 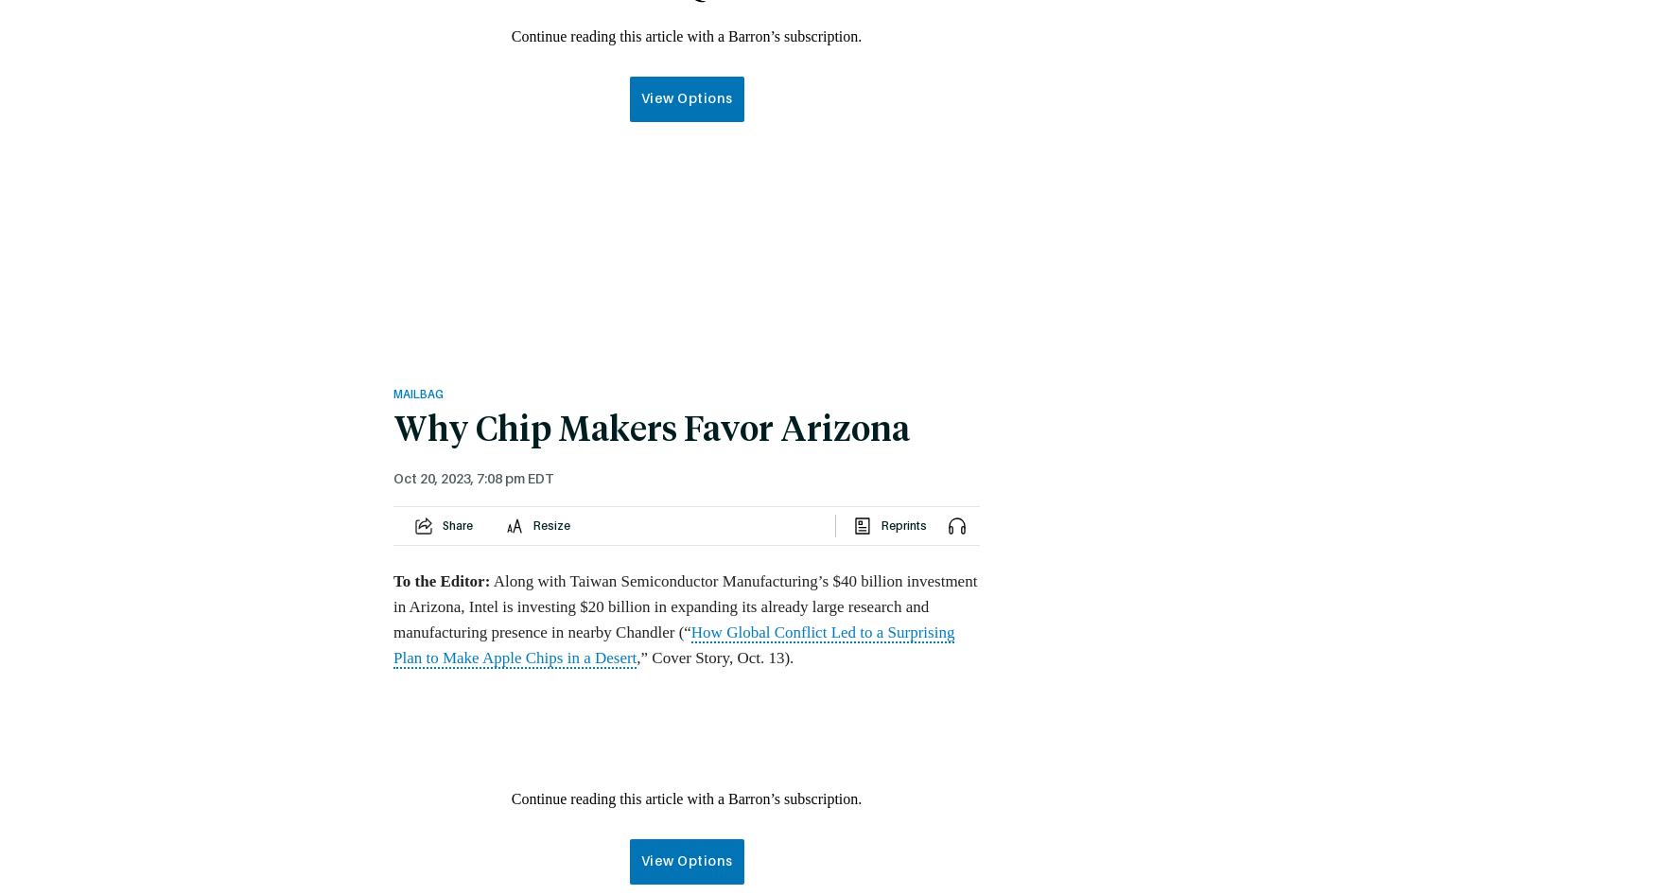 What do you see at coordinates (456, 524) in the screenshot?
I see `'Share'` at bounding box center [456, 524].